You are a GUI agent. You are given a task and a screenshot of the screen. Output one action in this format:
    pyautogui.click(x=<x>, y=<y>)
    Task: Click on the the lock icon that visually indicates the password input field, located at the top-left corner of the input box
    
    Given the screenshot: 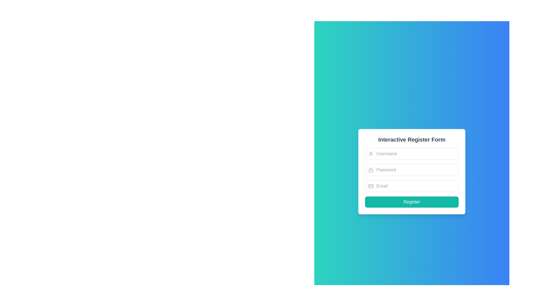 What is the action you would take?
    pyautogui.click(x=371, y=169)
    